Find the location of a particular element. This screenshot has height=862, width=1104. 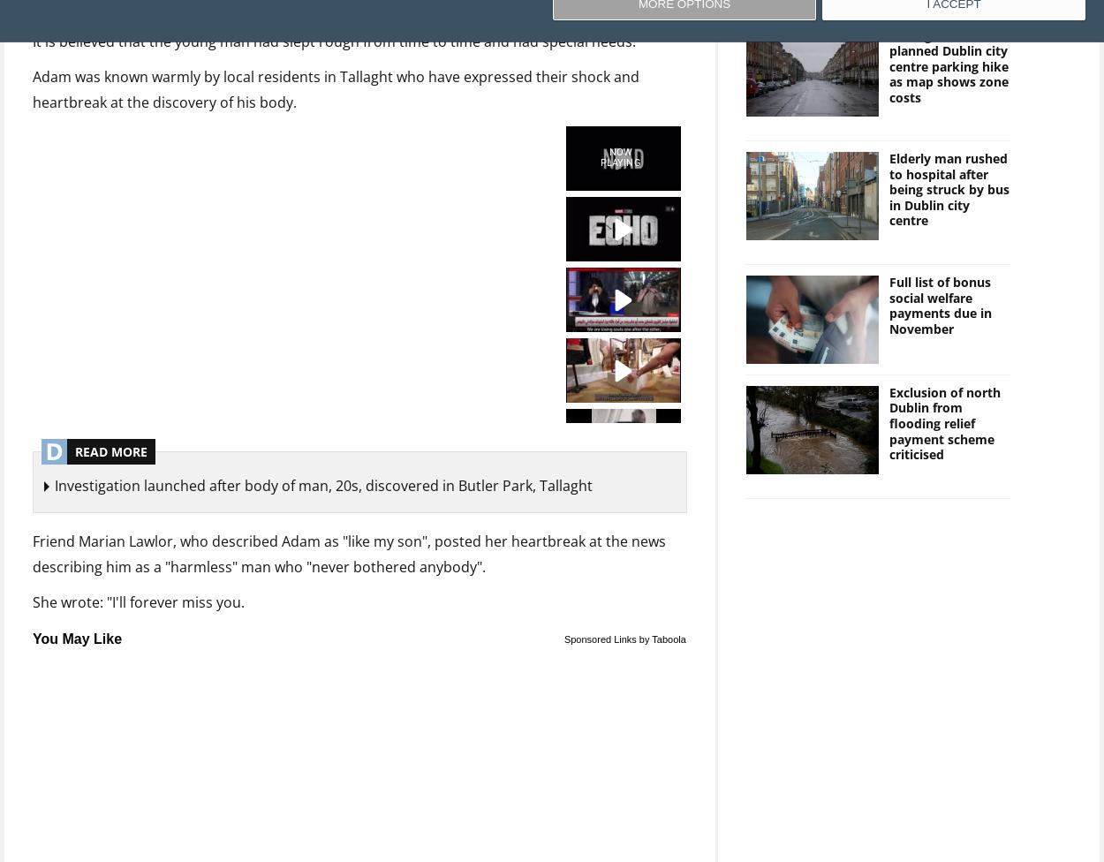

'Exclusion of north Dublin from flooding relief payment scheme criticised' is located at coordinates (943, 422).